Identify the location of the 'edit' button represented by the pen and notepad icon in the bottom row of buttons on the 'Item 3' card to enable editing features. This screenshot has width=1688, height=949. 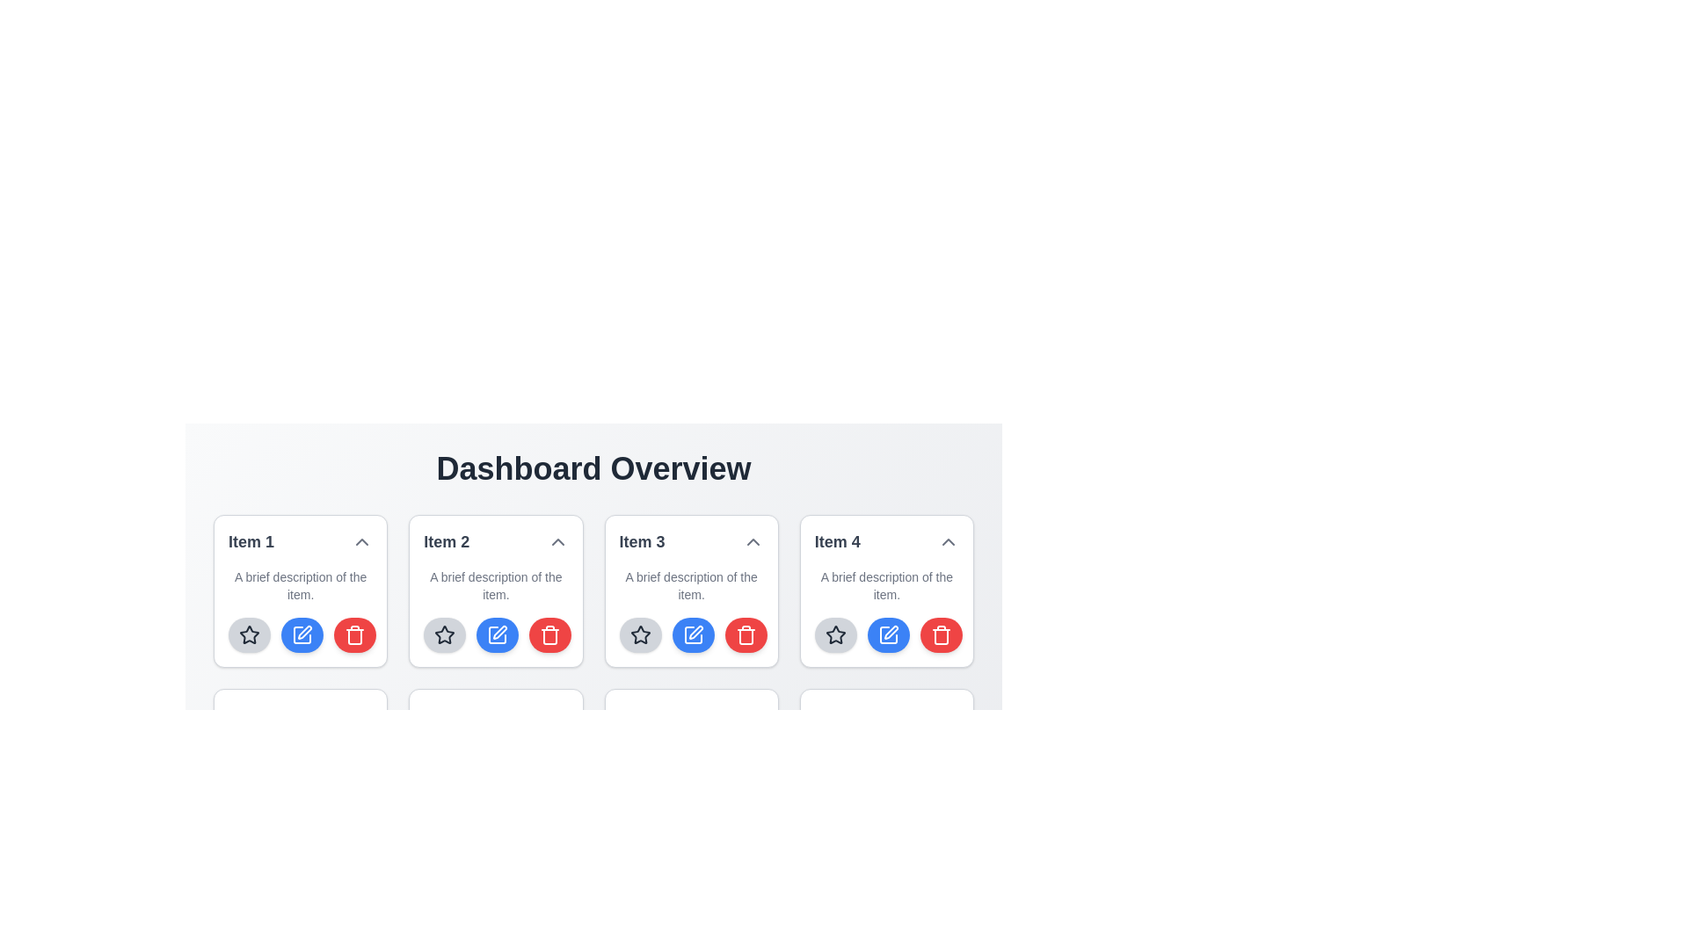
(690, 634).